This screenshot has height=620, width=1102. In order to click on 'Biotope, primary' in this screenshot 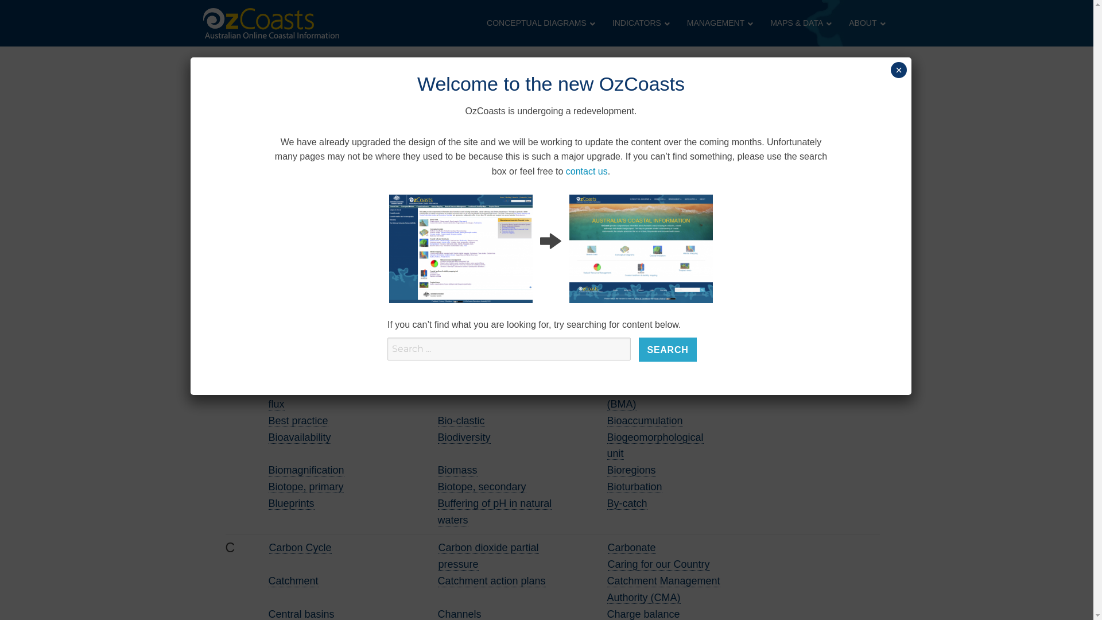, I will do `click(306, 487)`.